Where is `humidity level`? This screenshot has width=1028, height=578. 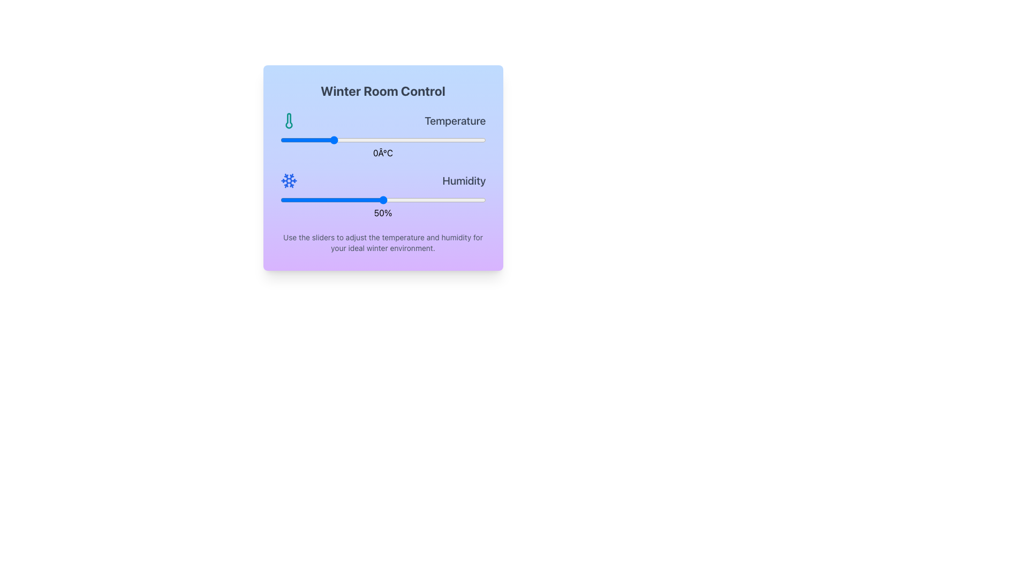 humidity level is located at coordinates (304, 200).